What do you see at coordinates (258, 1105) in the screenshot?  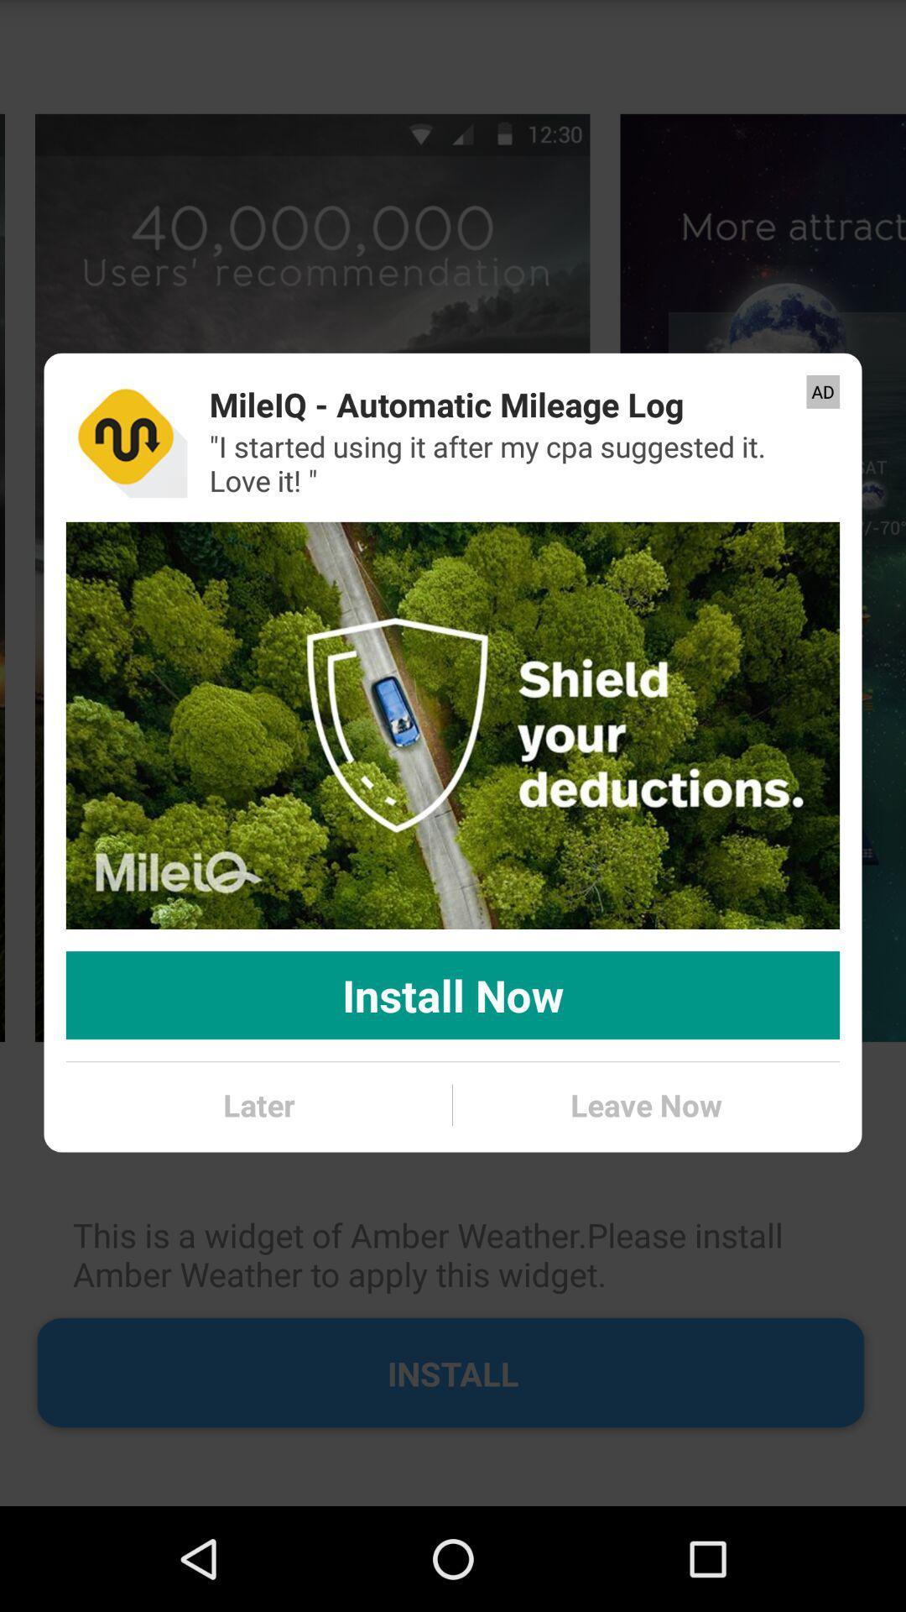 I see `later icon` at bounding box center [258, 1105].